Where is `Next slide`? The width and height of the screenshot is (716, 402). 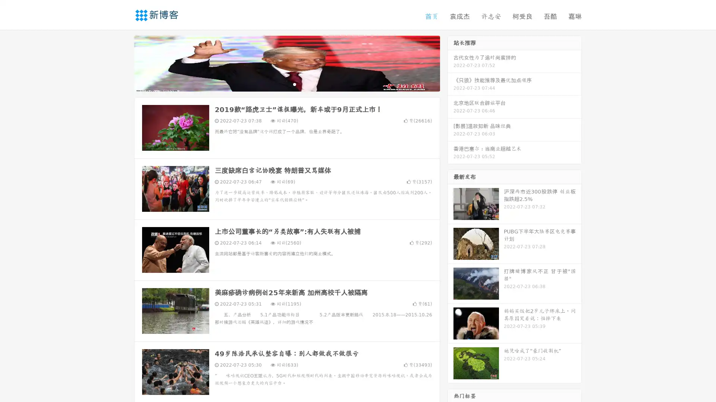
Next slide is located at coordinates (450, 63).